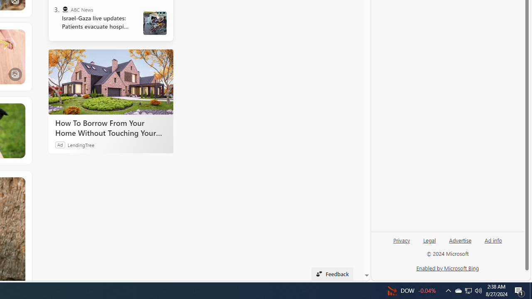 The width and height of the screenshot is (532, 299). What do you see at coordinates (460, 240) in the screenshot?
I see `'Advertise'` at bounding box center [460, 240].